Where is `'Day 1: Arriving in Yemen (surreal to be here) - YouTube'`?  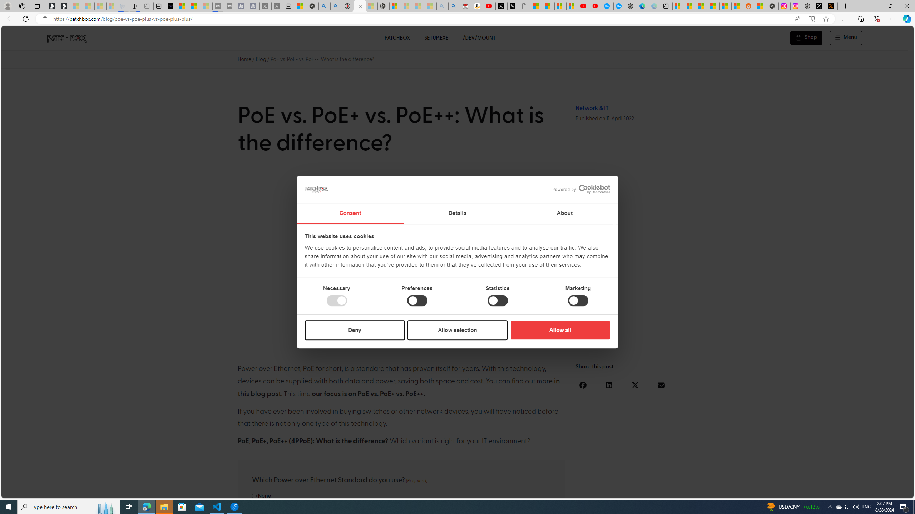 'Day 1: Arriving in Yemen (surreal to be here) - YouTube' is located at coordinates (489, 6).